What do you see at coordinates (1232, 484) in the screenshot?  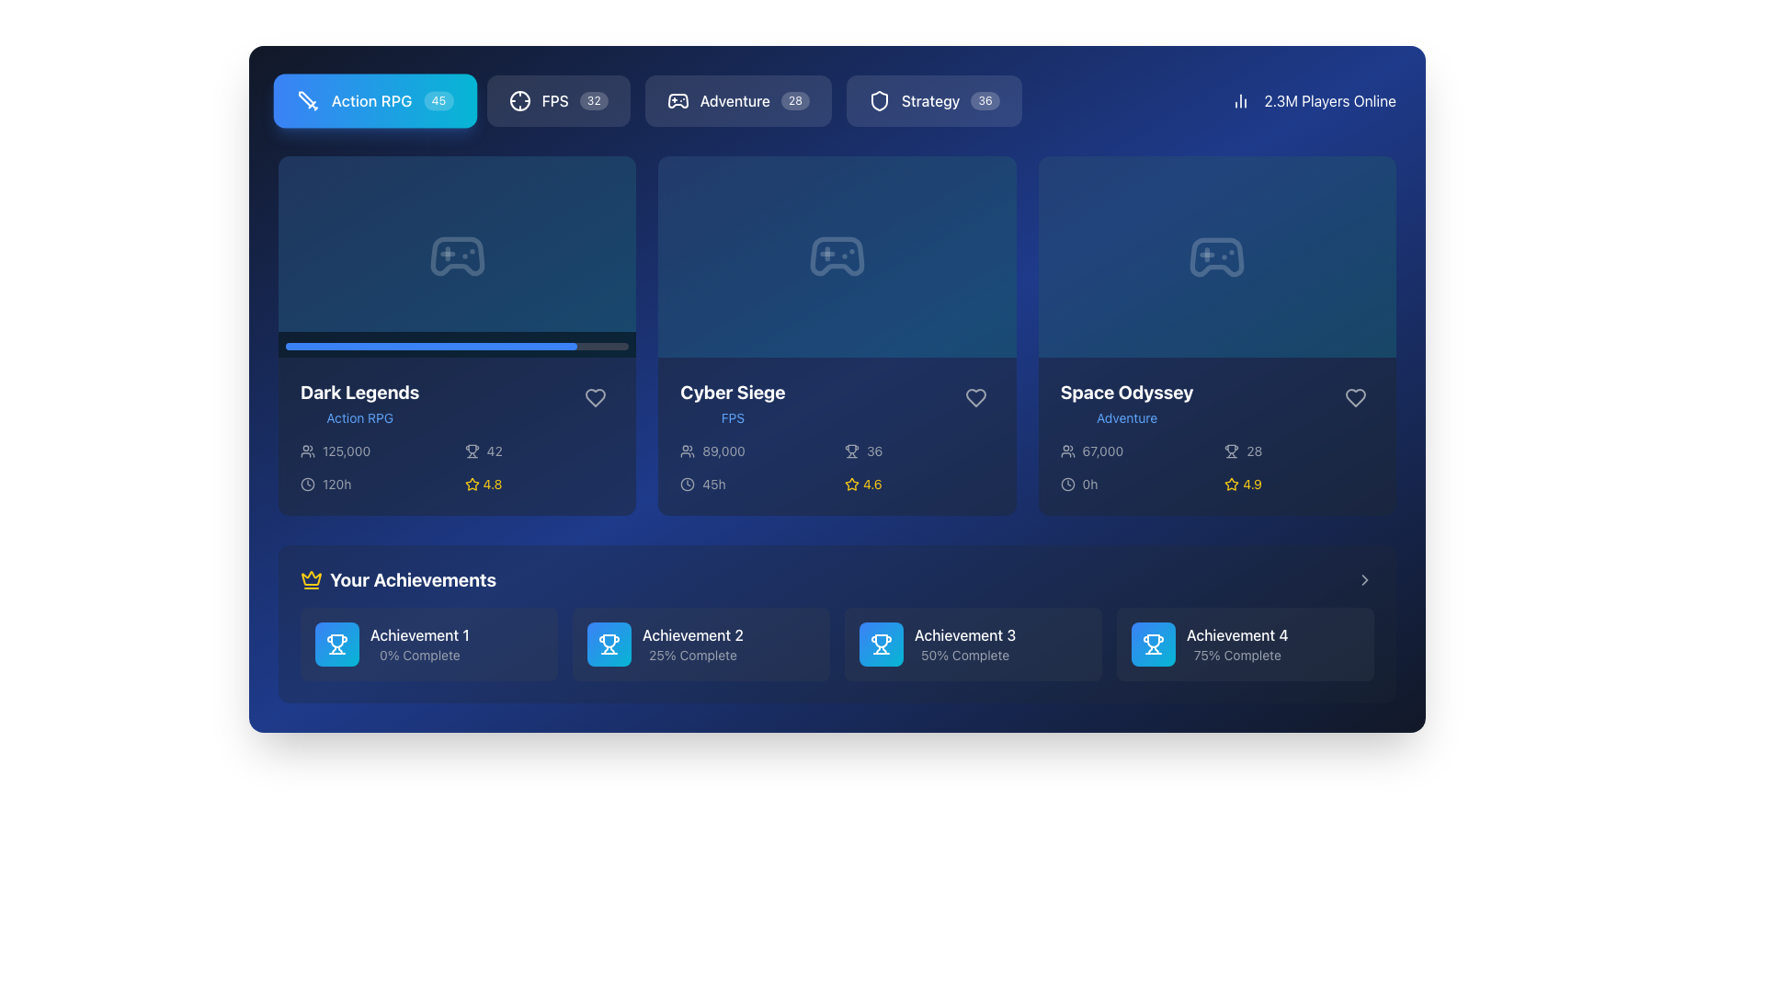 I see `the star icon with a yellow outline located at the bottom center of the third card, slightly left of the numerical rating '4.9'` at bounding box center [1232, 484].